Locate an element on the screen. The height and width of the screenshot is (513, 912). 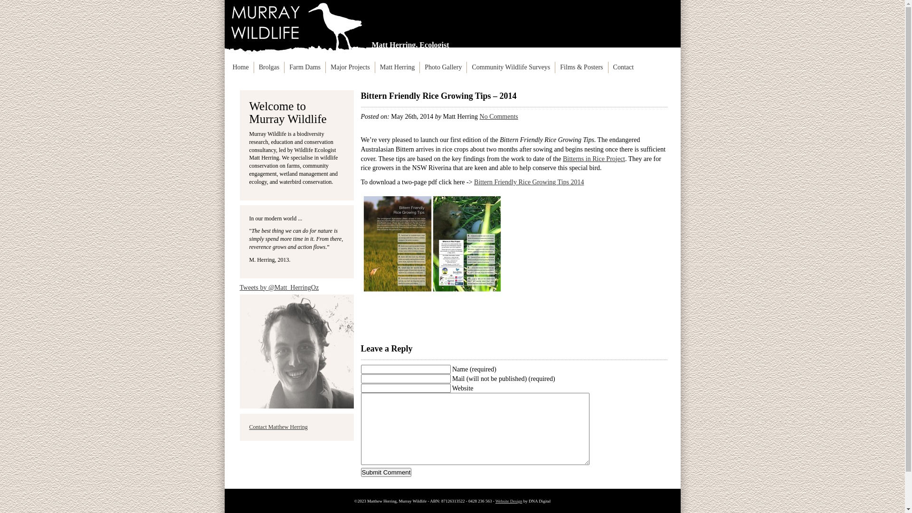
'Tweets by @Matt_HerringOz' is located at coordinates (278, 287).